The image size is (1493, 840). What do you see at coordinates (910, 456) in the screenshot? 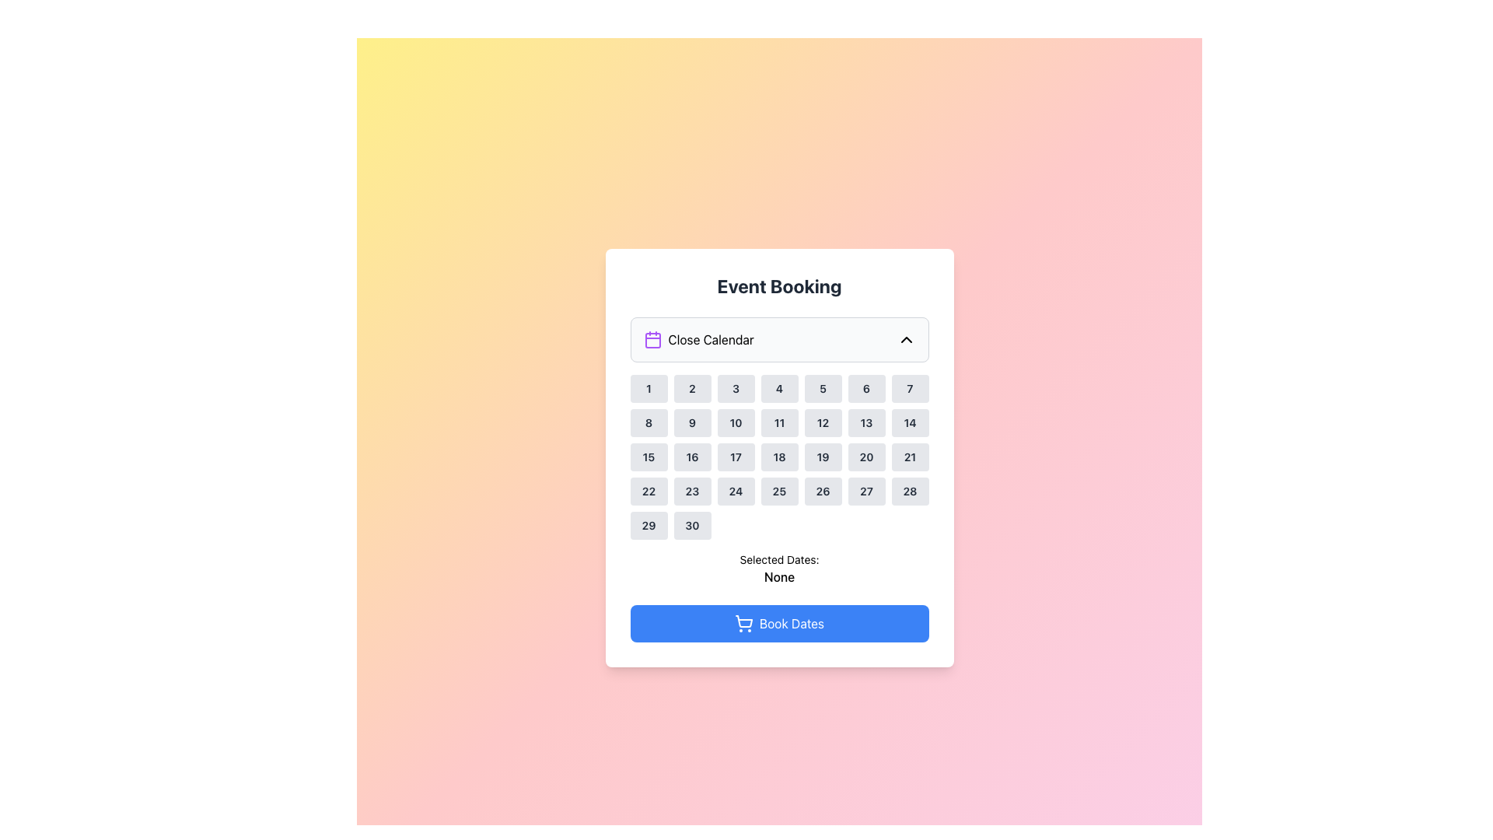
I see `the button displaying the number '21' in the calendar grid layout` at bounding box center [910, 456].